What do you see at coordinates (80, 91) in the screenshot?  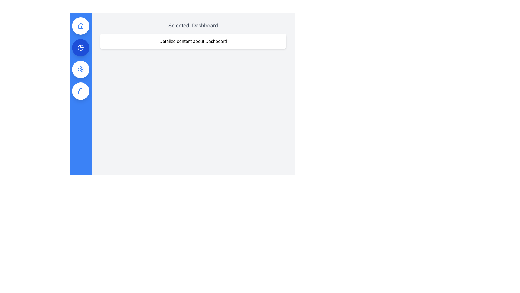 I see `the fourth button in the vertical list on the left sidebar, which navigates to a secure section of the application` at bounding box center [80, 91].